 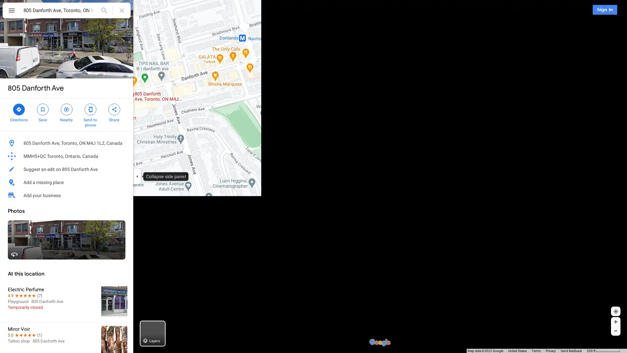 What do you see at coordinates (114, 112) in the screenshot?
I see `Share 805 Danforth Ave` at bounding box center [114, 112].